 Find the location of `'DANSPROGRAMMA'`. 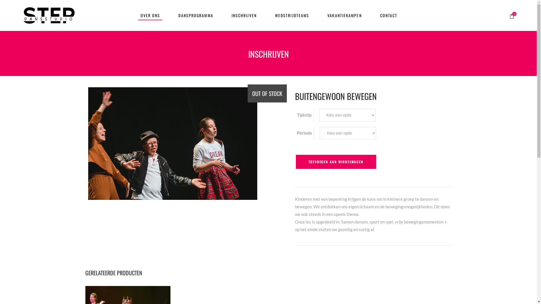

'DANSPROGRAMMA' is located at coordinates (196, 15).